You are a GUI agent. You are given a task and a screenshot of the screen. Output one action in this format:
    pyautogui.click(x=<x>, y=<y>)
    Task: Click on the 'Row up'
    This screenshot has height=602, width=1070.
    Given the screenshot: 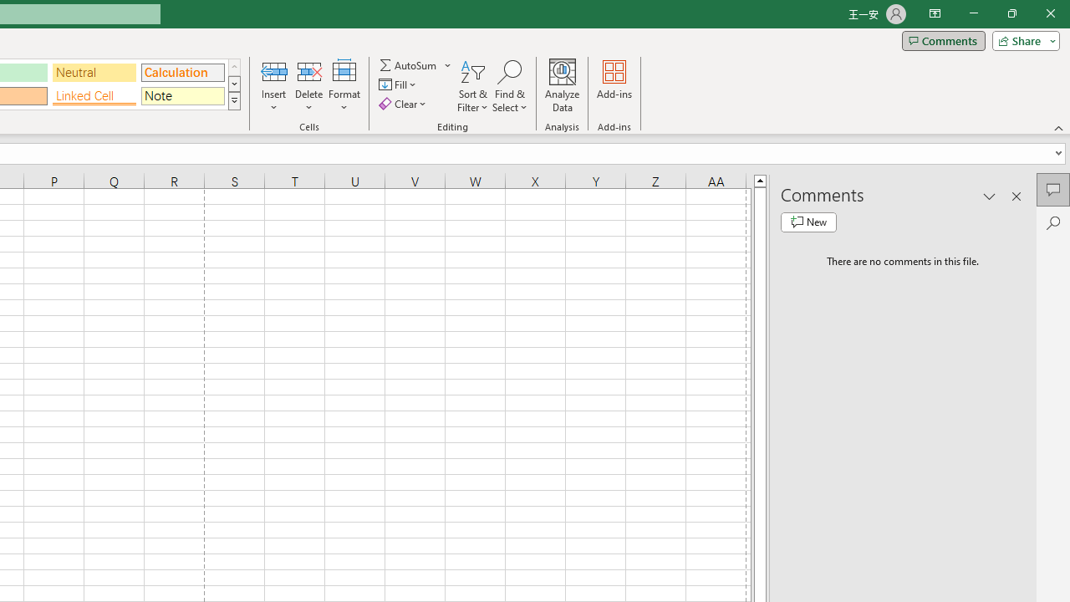 What is the action you would take?
    pyautogui.click(x=233, y=66)
    